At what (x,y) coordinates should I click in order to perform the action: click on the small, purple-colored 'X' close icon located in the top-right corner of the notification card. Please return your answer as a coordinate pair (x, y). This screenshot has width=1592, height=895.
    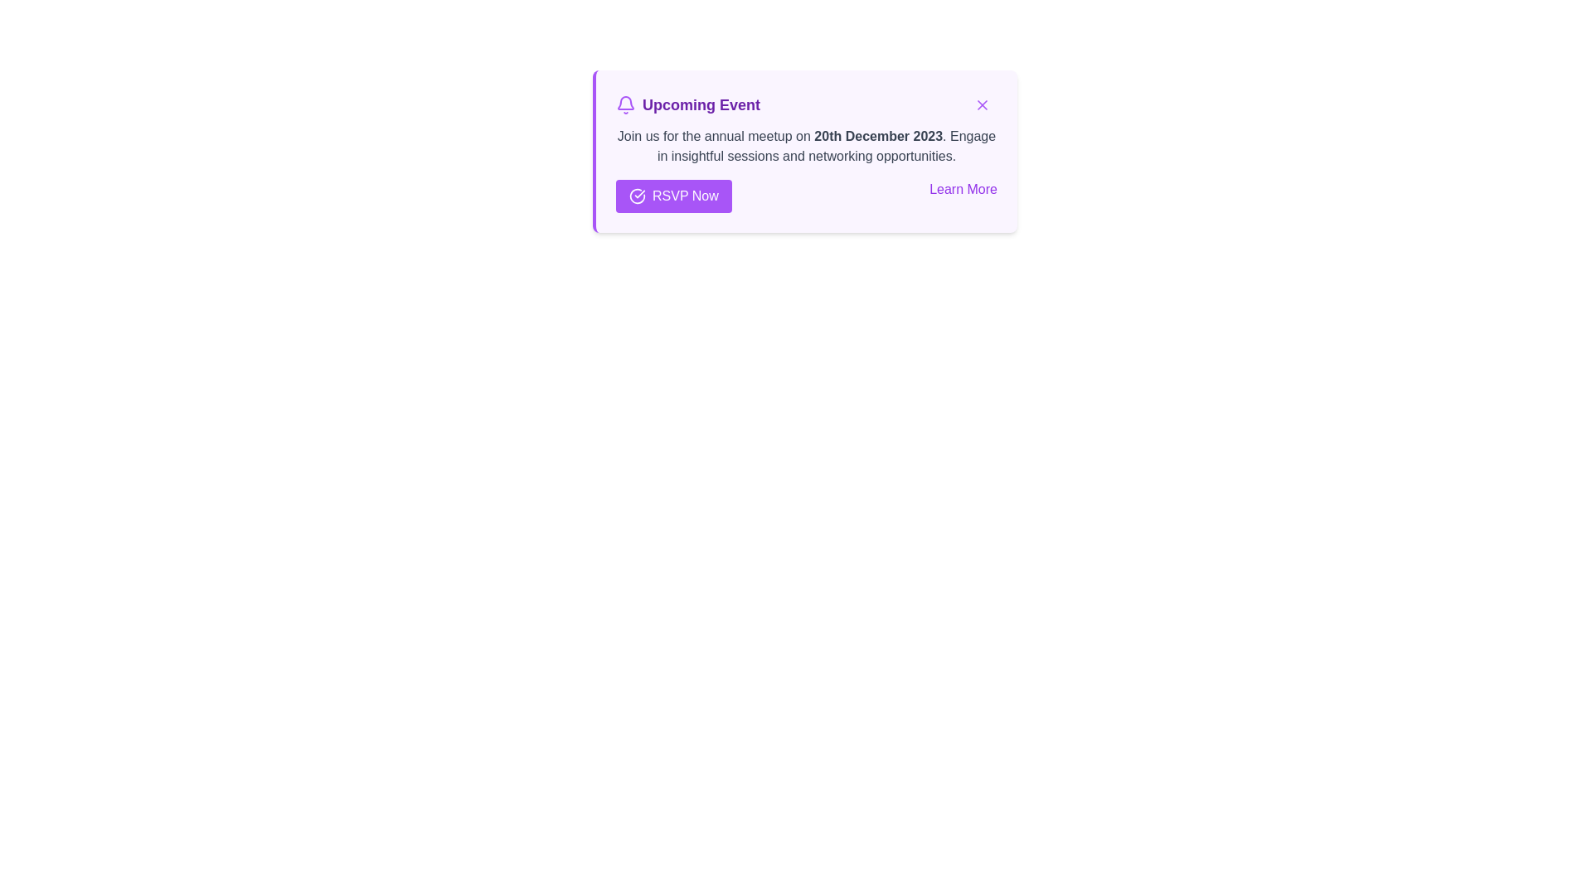
    Looking at the image, I should click on (983, 105).